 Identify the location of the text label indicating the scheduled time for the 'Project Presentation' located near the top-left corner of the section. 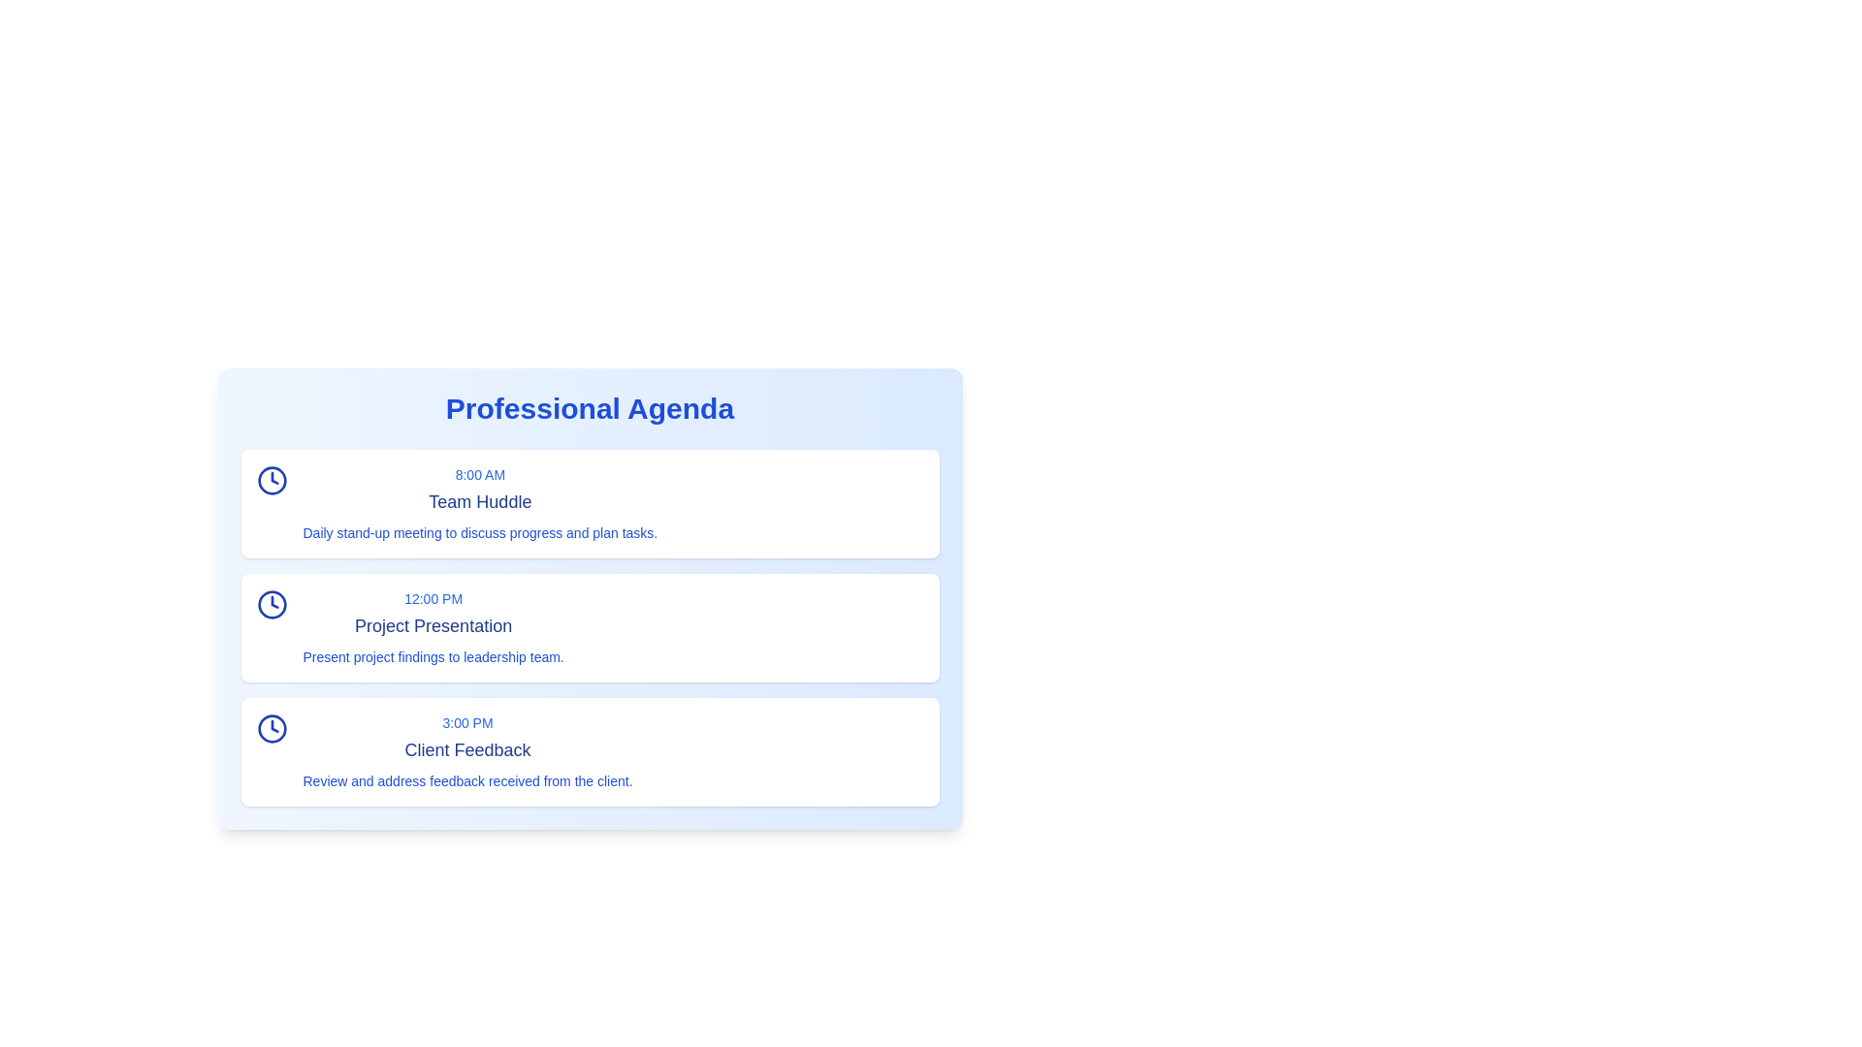
(433, 597).